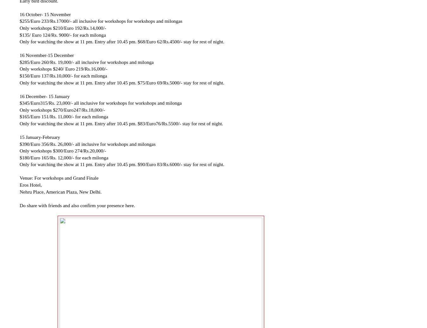  I want to click on 'Only for watching the show at 11 pm. Entry after 10.45 pm. $83/Euro76/Rs.5500/- stay for rest of night.', so click(19, 123).